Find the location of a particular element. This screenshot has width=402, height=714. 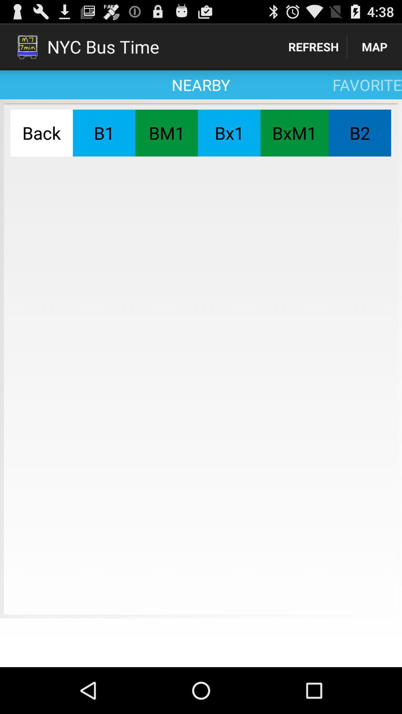

the icon to the right of back item is located at coordinates (104, 133).